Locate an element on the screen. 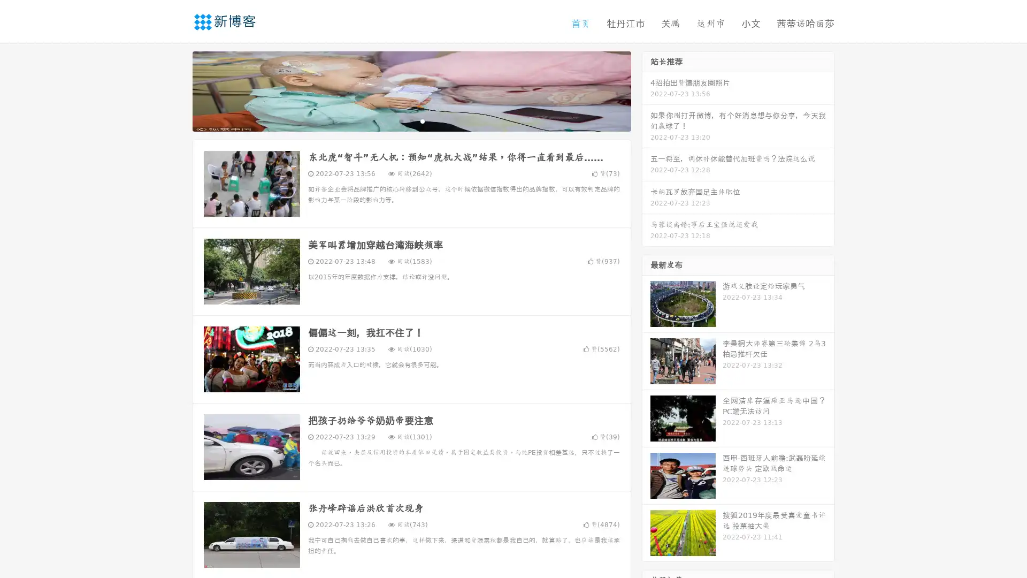  Next slide is located at coordinates (646, 90).